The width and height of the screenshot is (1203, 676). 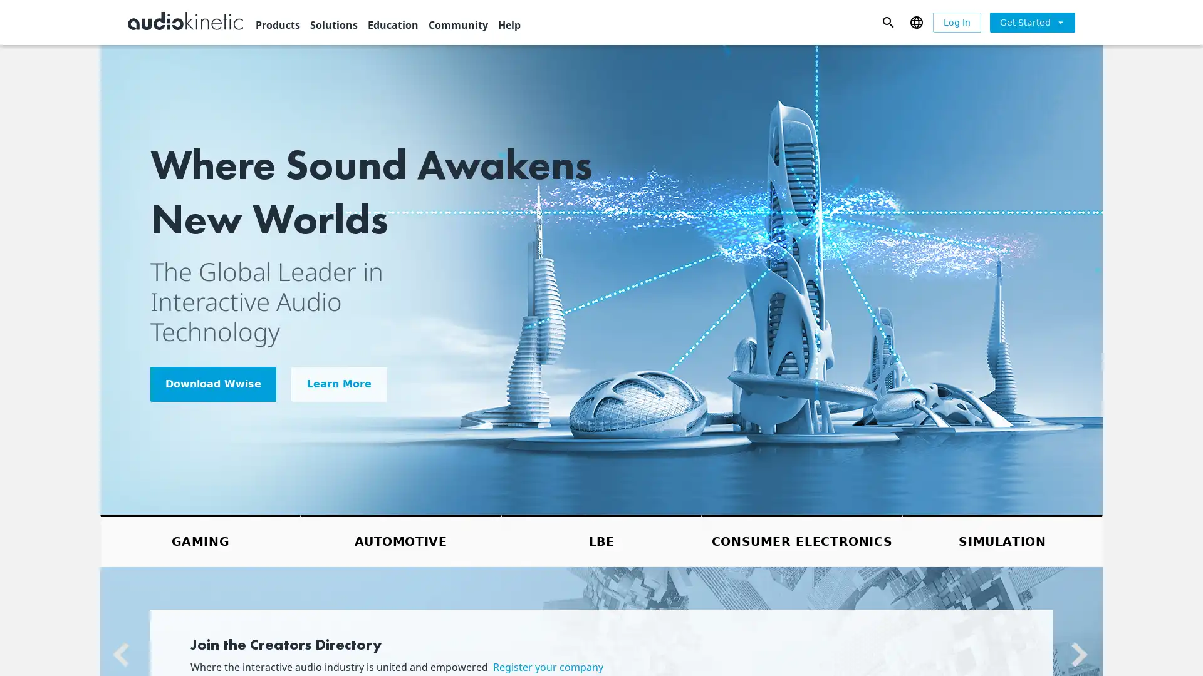 What do you see at coordinates (400, 540) in the screenshot?
I see `AUTOMOTIVE` at bounding box center [400, 540].